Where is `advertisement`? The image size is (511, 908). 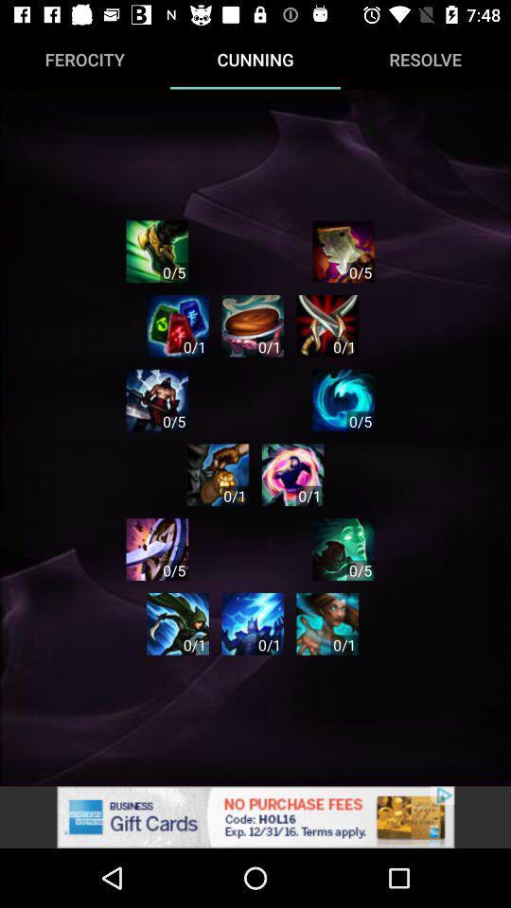
advertisement is located at coordinates (343, 251).